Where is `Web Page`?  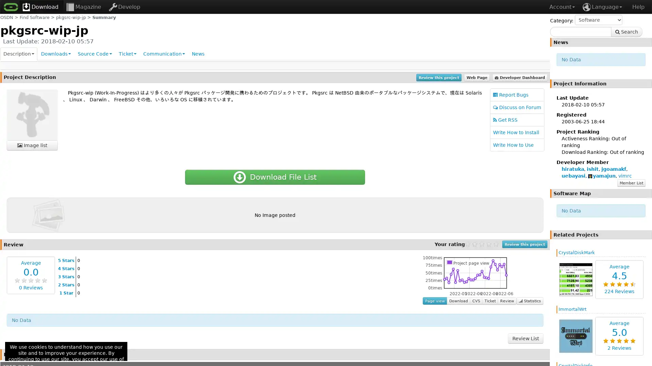
Web Page is located at coordinates (476, 77).